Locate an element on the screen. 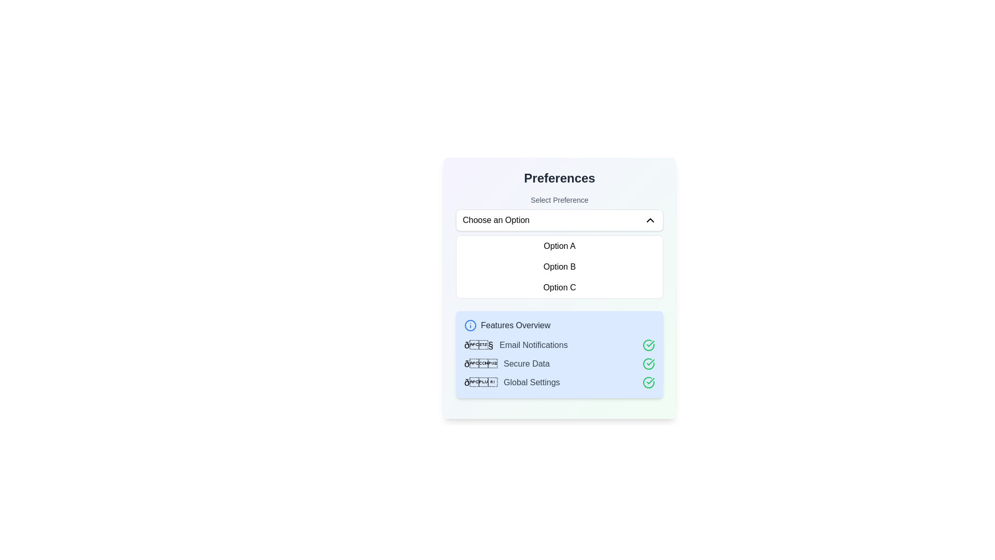 This screenshot has height=560, width=995. the 'Email Notifications' composite UI element, which includes a label and validation icon, located beneath the 'Features Overview' section is located at coordinates (559, 345).